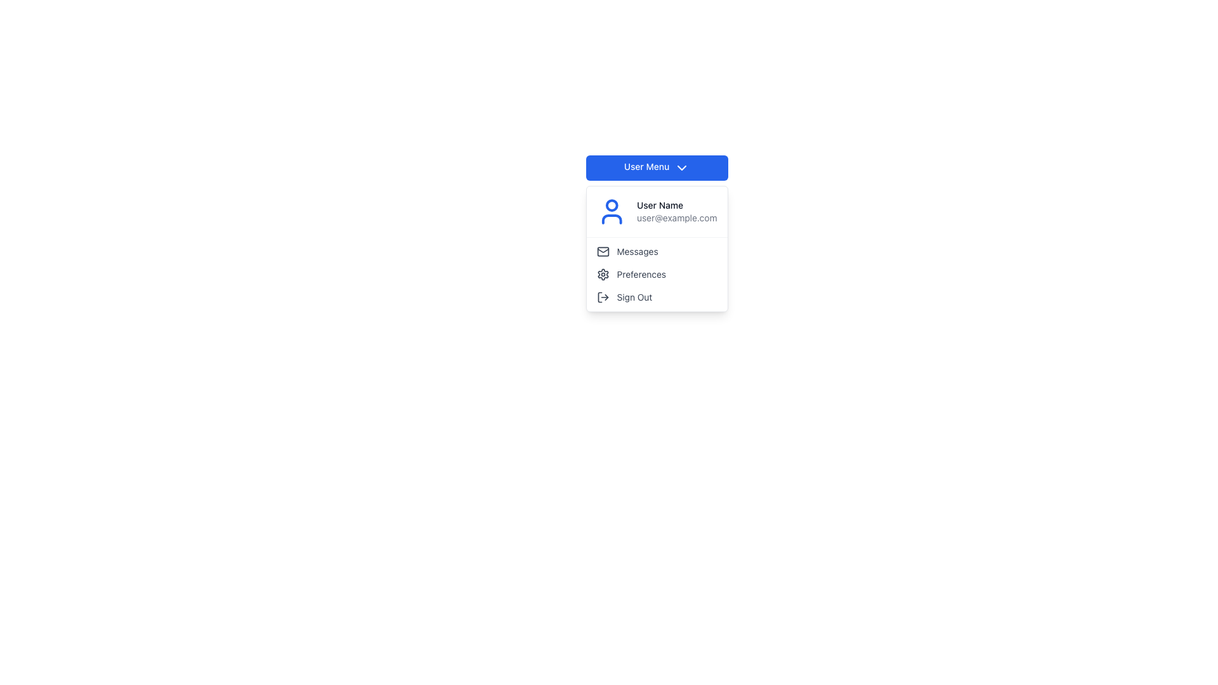 The height and width of the screenshot is (685, 1218). I want to click on the 'User Name' text label located within the dropdown menu, which is styled in dark gray and positioned above the email address text element, so click(676, 205).